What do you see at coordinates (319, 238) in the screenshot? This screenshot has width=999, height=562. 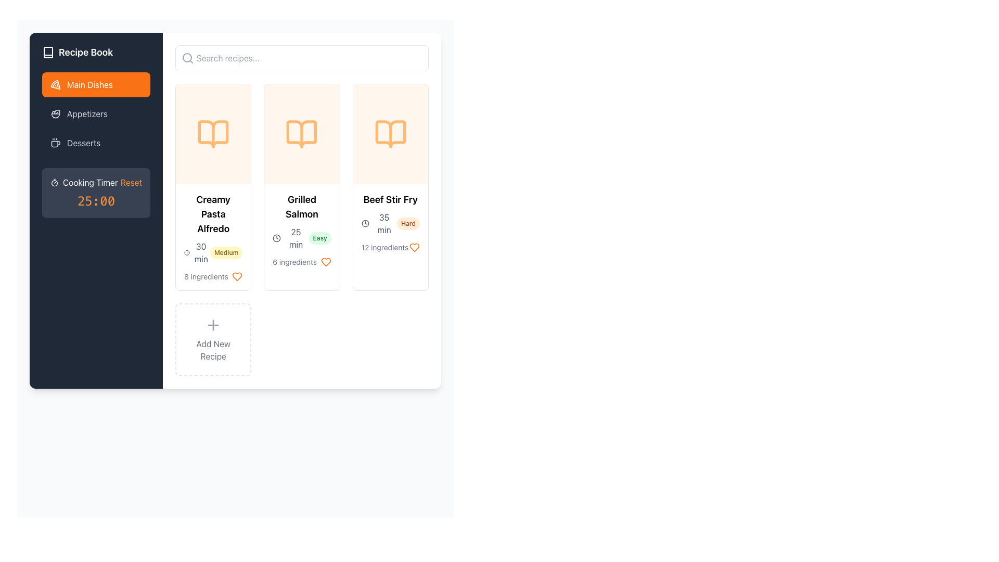 I see `text content of the 'Easy' difficulty indicator label located under the title 'Grilled Salmon' in the 'Main Dishes' section` at bounding box center [319, 238].